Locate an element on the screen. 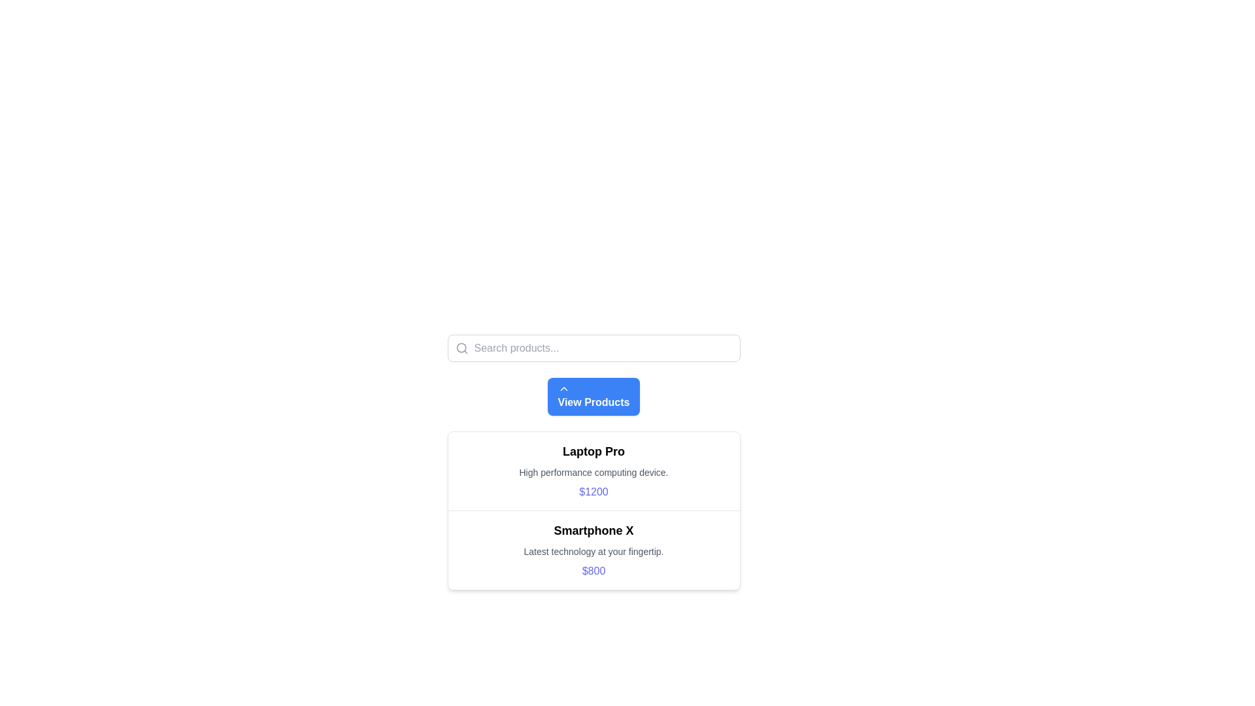 The width and height of the screenshot is (1255, 706). the Product Information Block for 'Laptop Pro', which includes the title, description, and price, located below the 'View Products' button is located at coordinates (593, 447).